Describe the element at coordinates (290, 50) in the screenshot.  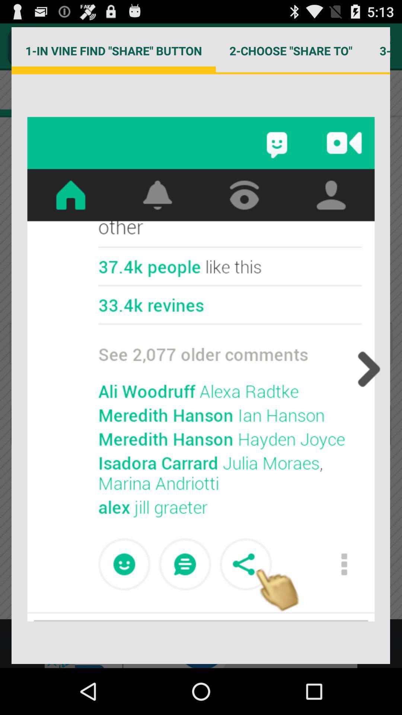
I see `2 choose share item` at that location.